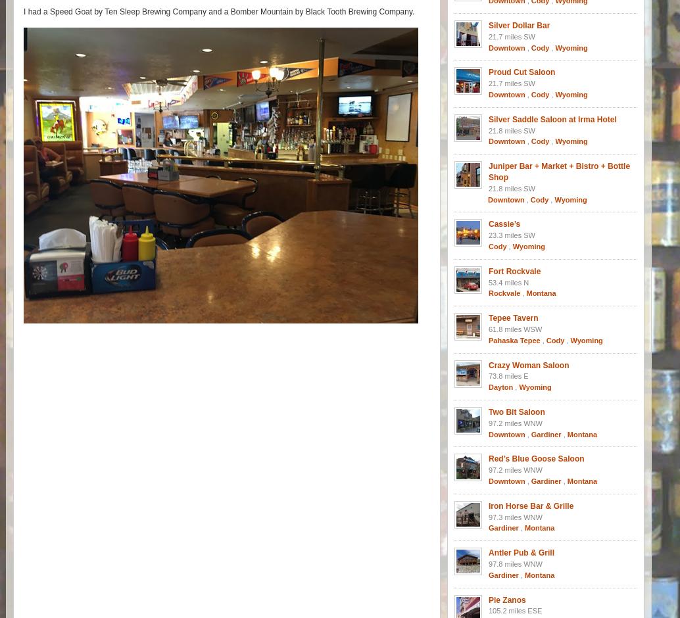 This screenshot has width=680, height=618. What do you see at coordinates (535, 458) in the screenshot?
I see `'Red’s Blue Goose Saloon'` at bounding box center [535, 458].